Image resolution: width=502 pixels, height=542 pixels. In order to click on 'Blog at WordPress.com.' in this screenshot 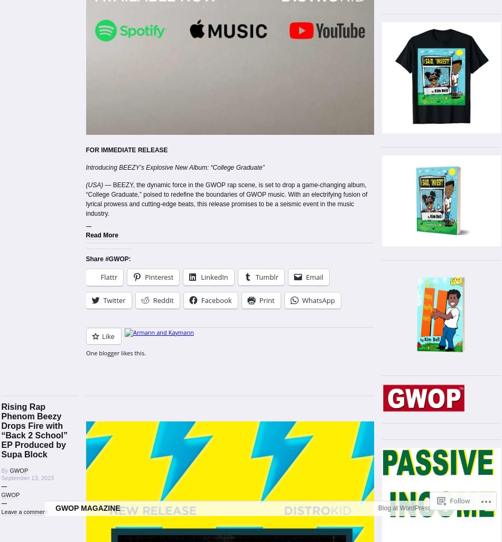, I will do `click(412, 534)`.